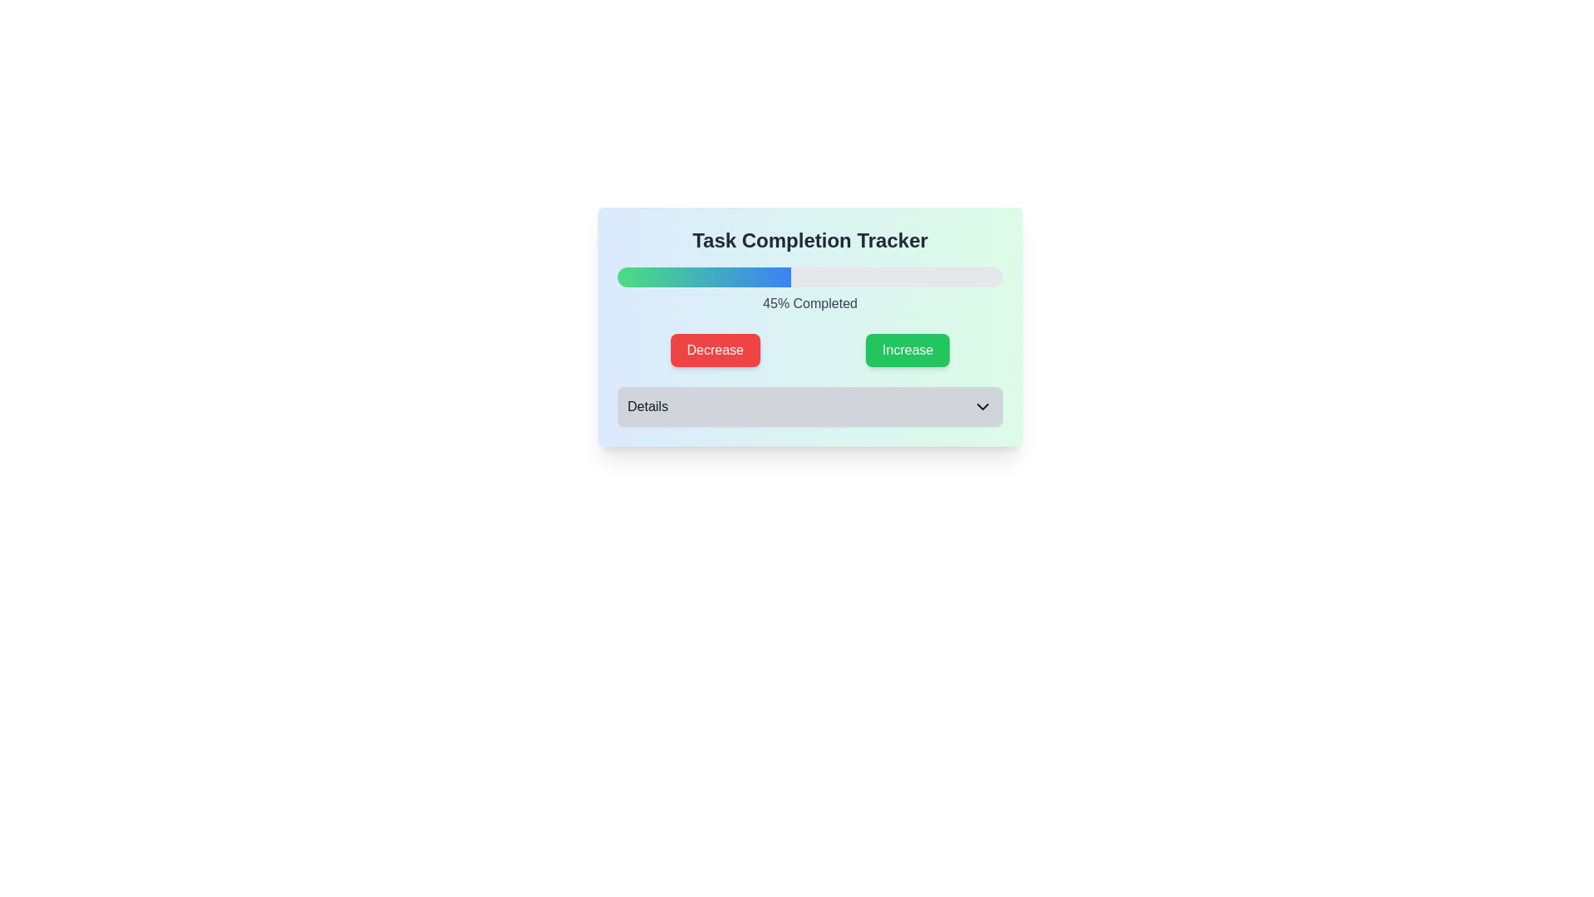  I want to click on the dropdown button located in the lower part of the 'Task Completion Tracker' card for keyboard navigation, so click(809, 406).